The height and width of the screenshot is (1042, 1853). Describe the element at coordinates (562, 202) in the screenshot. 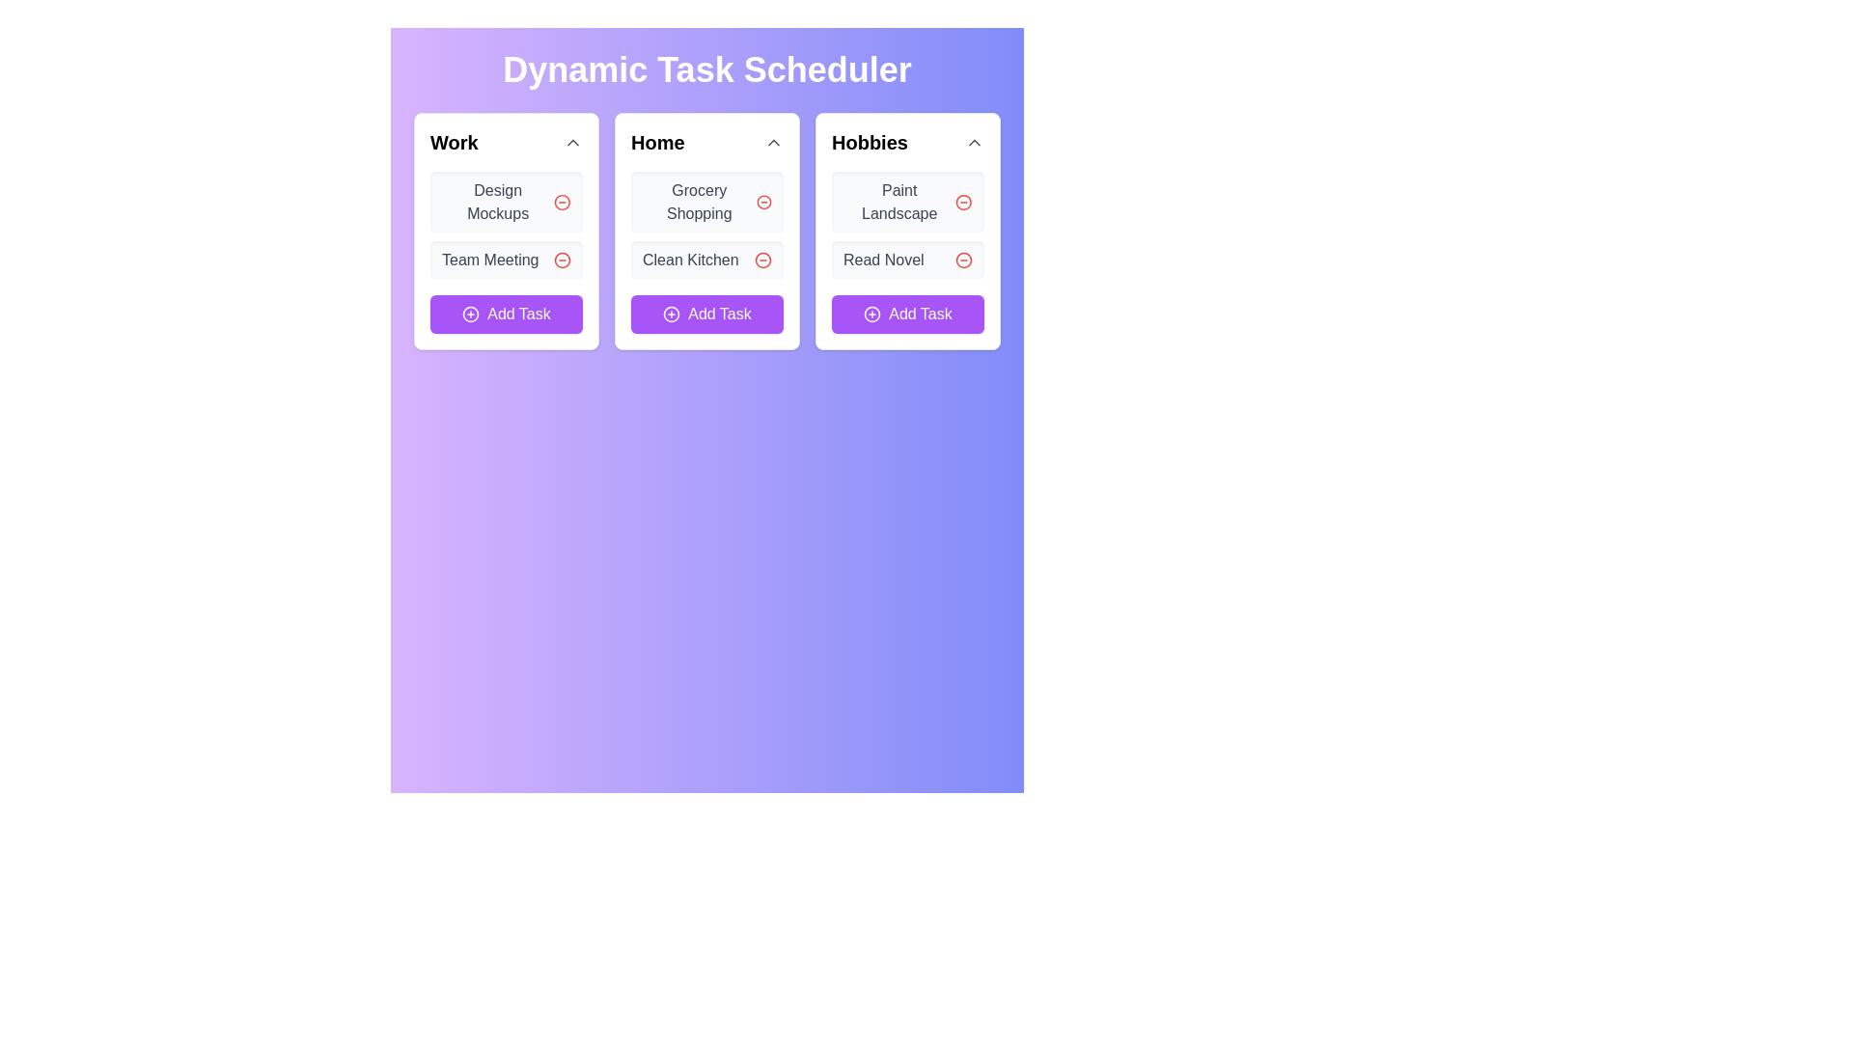

I see `the IconButton (circle with minus sign)` at that location.